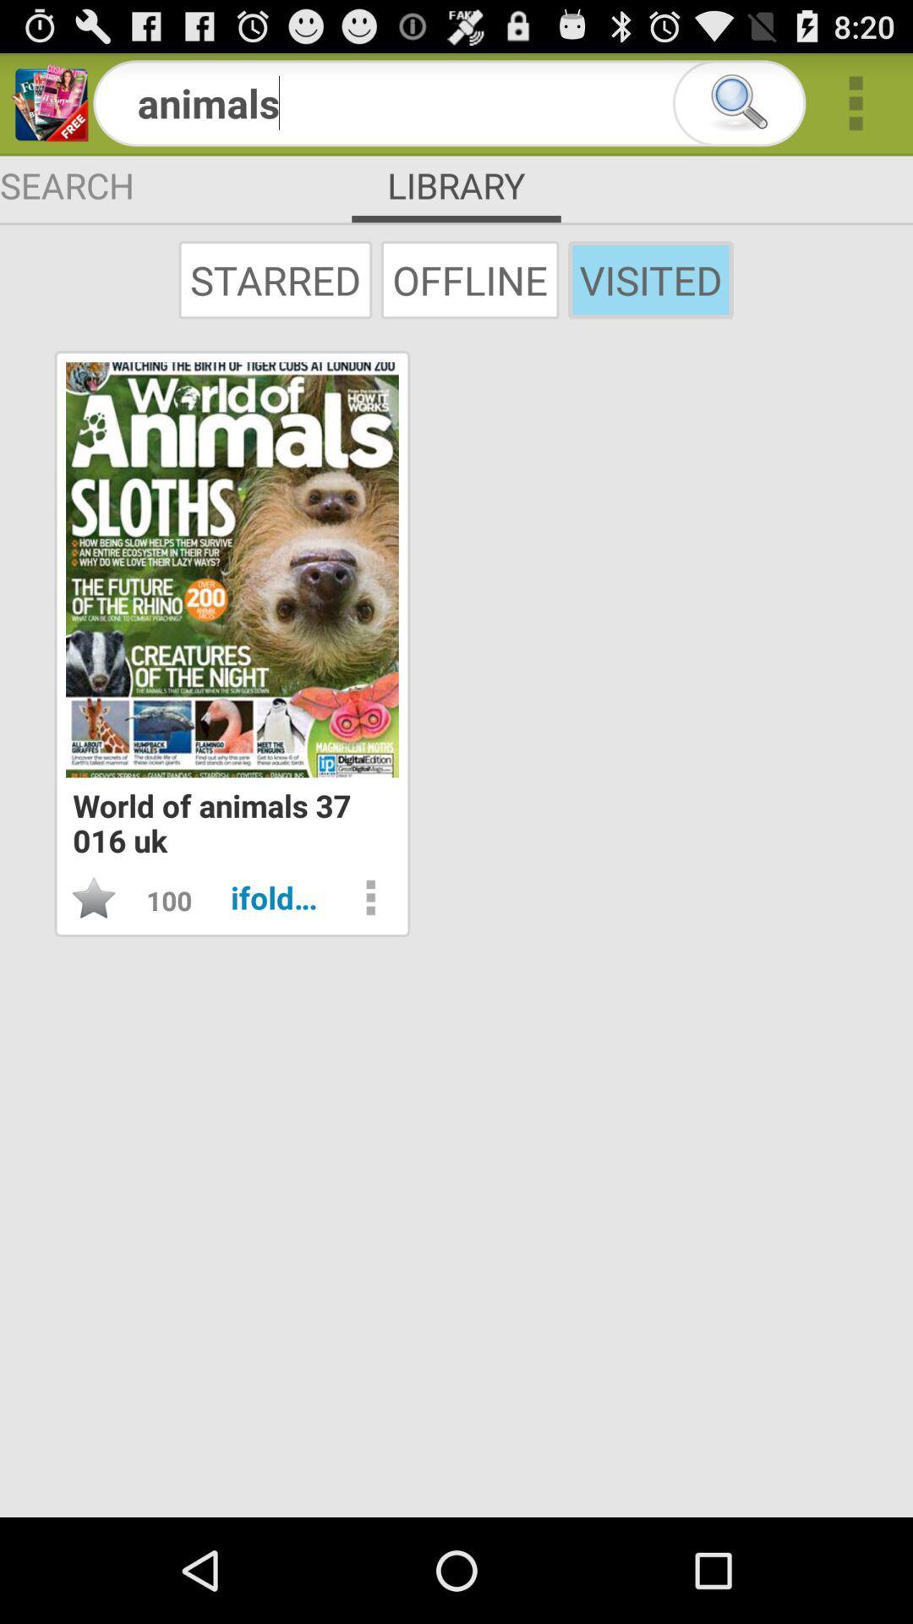  What do you see at coordinates (369, 897) in the screenshot?
I see `open more options` at bounding box center [369, 897].